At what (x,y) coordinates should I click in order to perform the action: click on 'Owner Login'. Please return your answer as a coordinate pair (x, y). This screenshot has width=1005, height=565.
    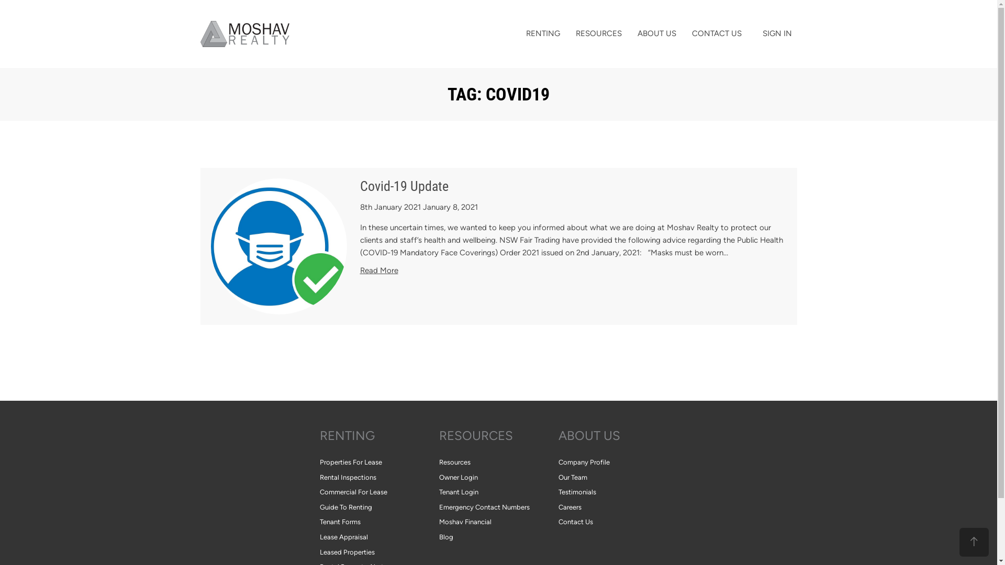
    Looking at the image, I should click on (497, 478).